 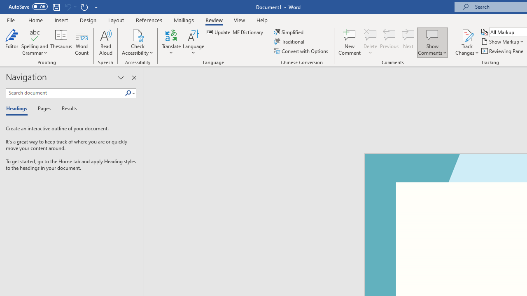 I want to click on 'Reviewing Pane', so click(x=502, y=51).